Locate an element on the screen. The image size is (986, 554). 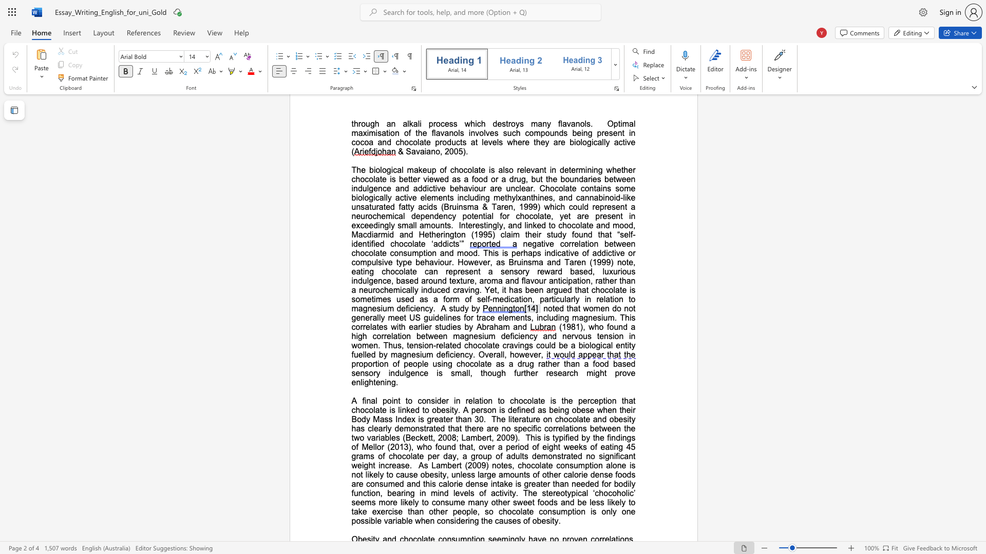
the subset text "kely to cause" within the text "As Lambert (2009) notes, chocolate consumption alone is not likely to cause obesity, unless" is located at coordinates (369, 474).